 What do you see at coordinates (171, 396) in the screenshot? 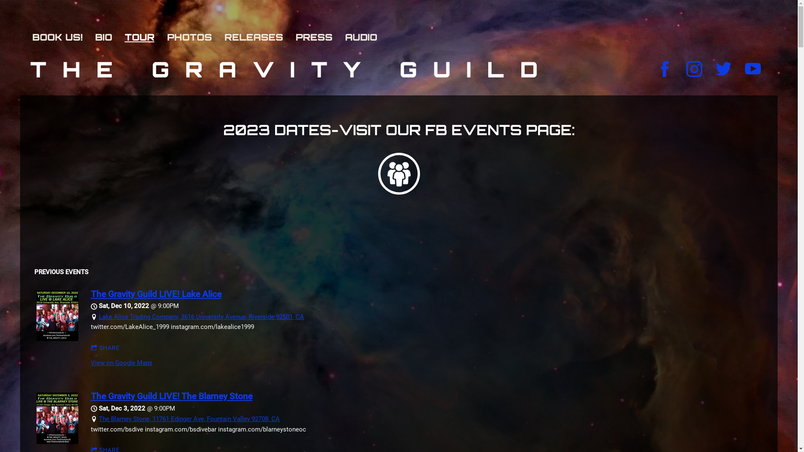
I see `'The Gravity Guild LIVE! The Blarney Stone'` at bounding box center [171, 396].